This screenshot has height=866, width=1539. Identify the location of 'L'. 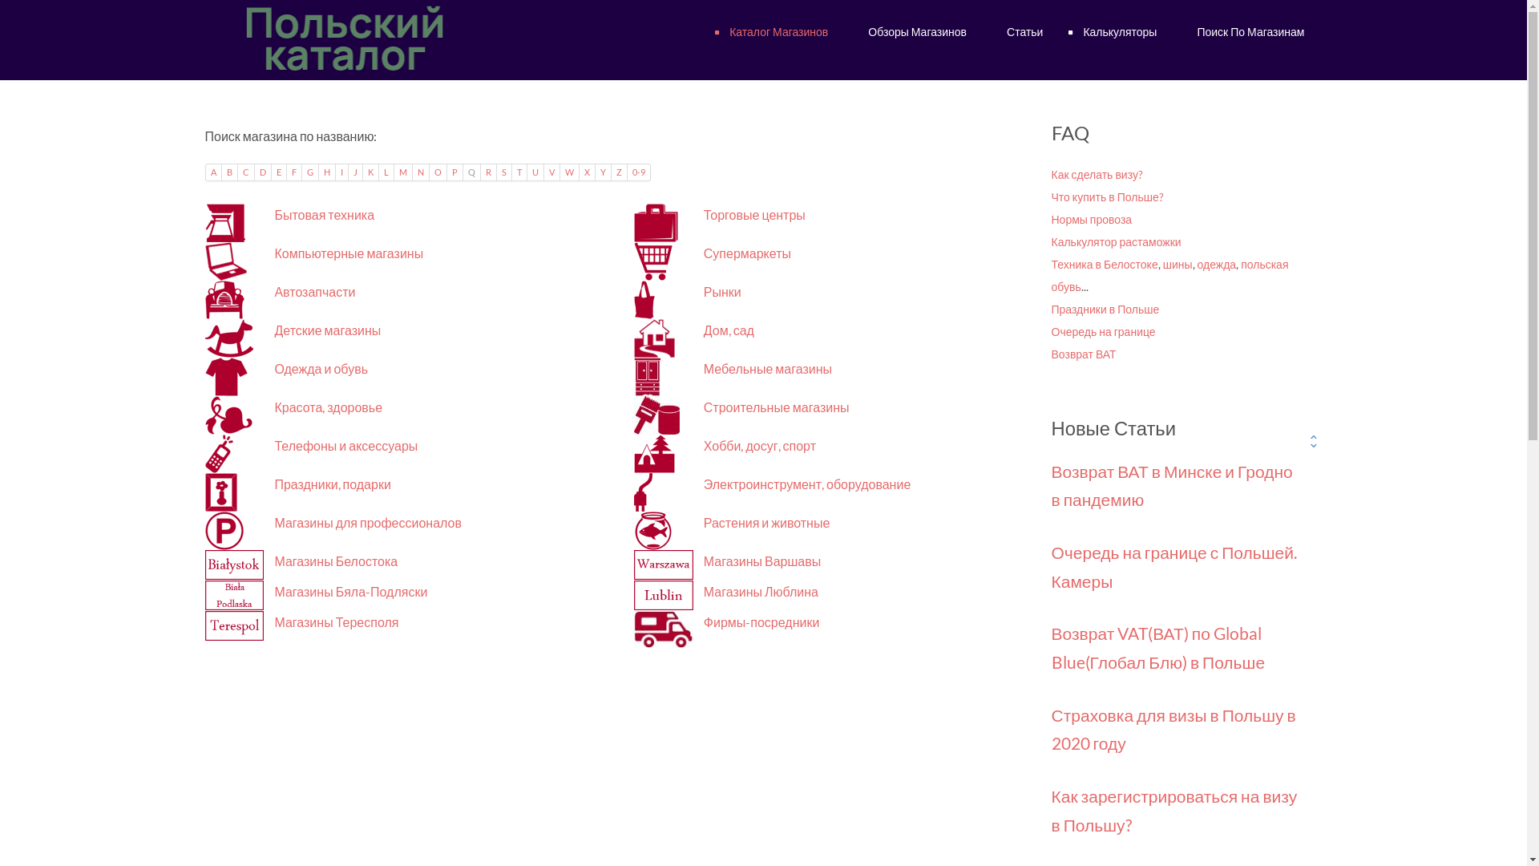
(386, 172).